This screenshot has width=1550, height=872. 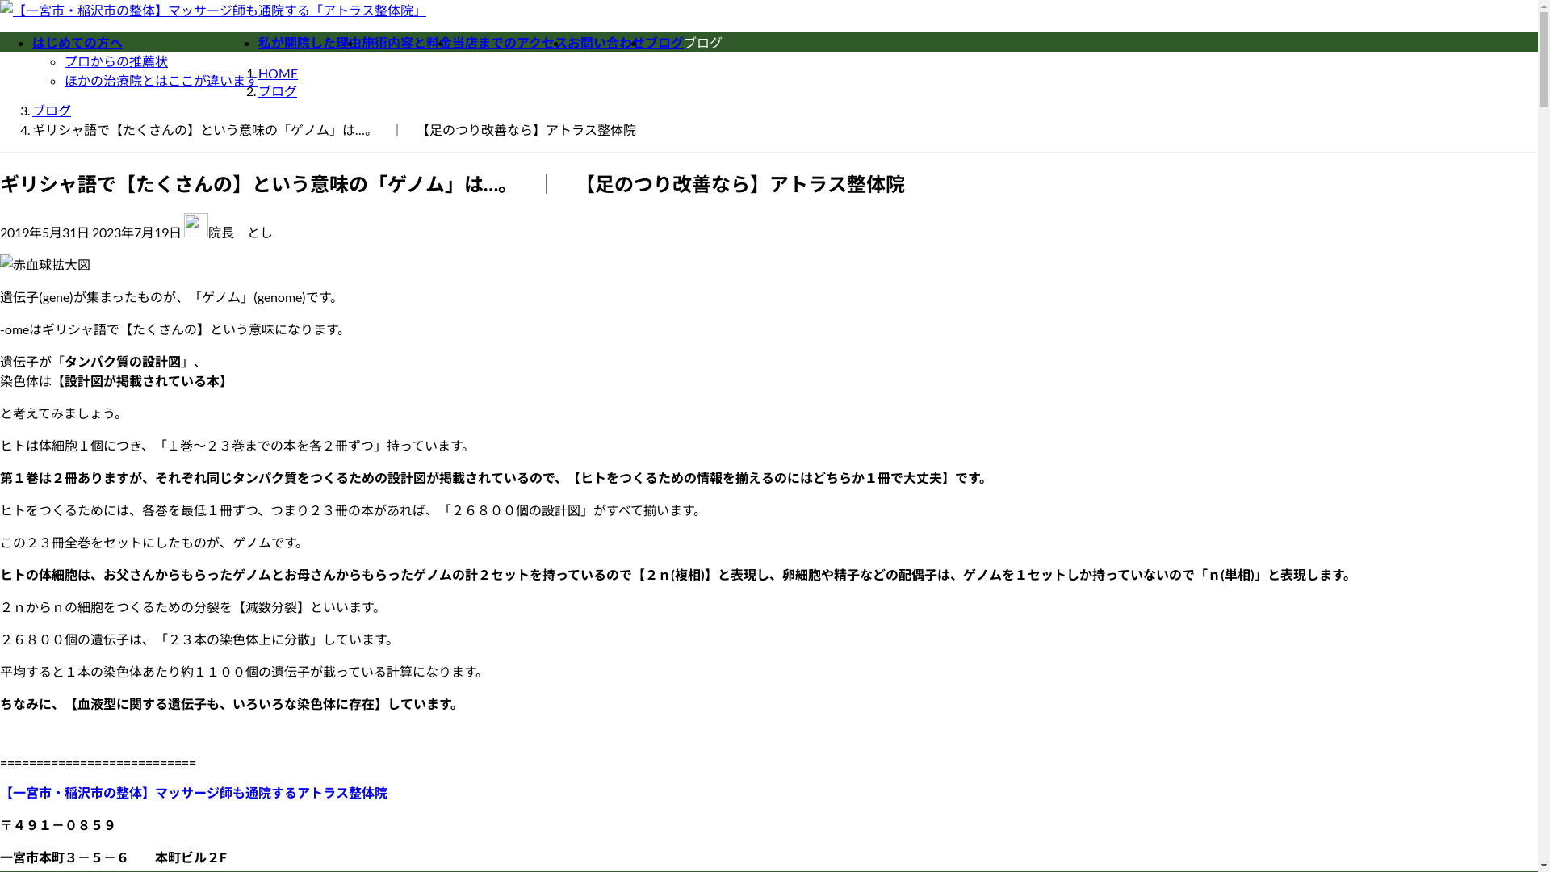 What do you see at coordinates (258, 73) in the screenshot?
I see `'HOME'` at bounding box center [258, 73].